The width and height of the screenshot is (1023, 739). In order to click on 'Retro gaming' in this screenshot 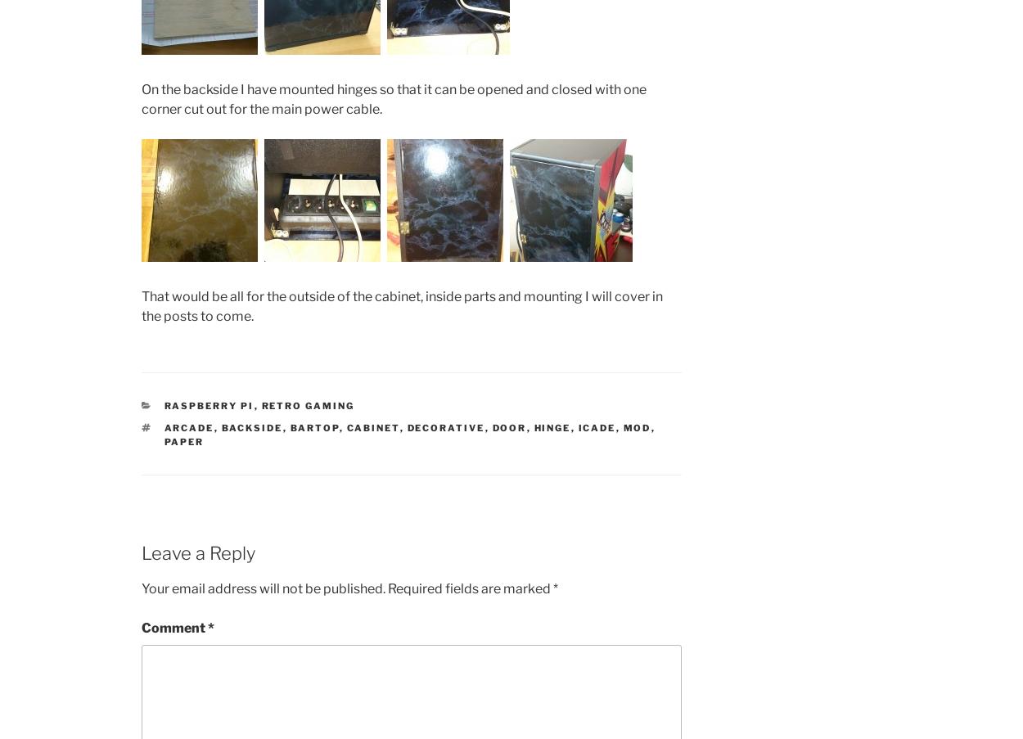, I will do `click(260, 405)`.